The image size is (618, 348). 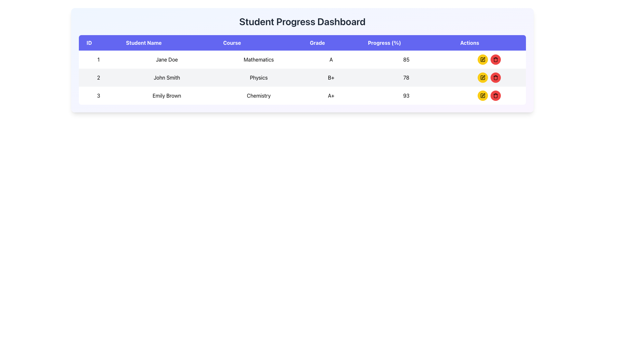 What do you see at coordinates (495, 77) in the screenshot?
I see `the red circular button with a trash can icon located in the 'Actions' column for the row of 'John Smith'` at bounding box center [495, 77].